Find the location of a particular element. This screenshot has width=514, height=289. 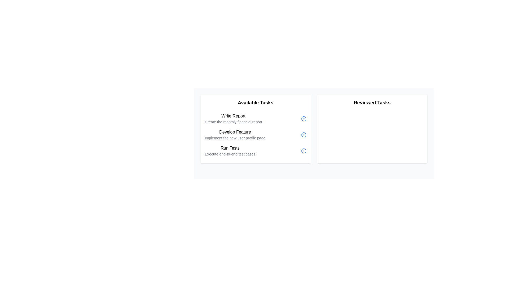

the button located to the right of the text 'Run Tests' in the section titled 'Run Tests Execute end-to-end test cases' for keyboard navigation is located at coordinates (304, 151).